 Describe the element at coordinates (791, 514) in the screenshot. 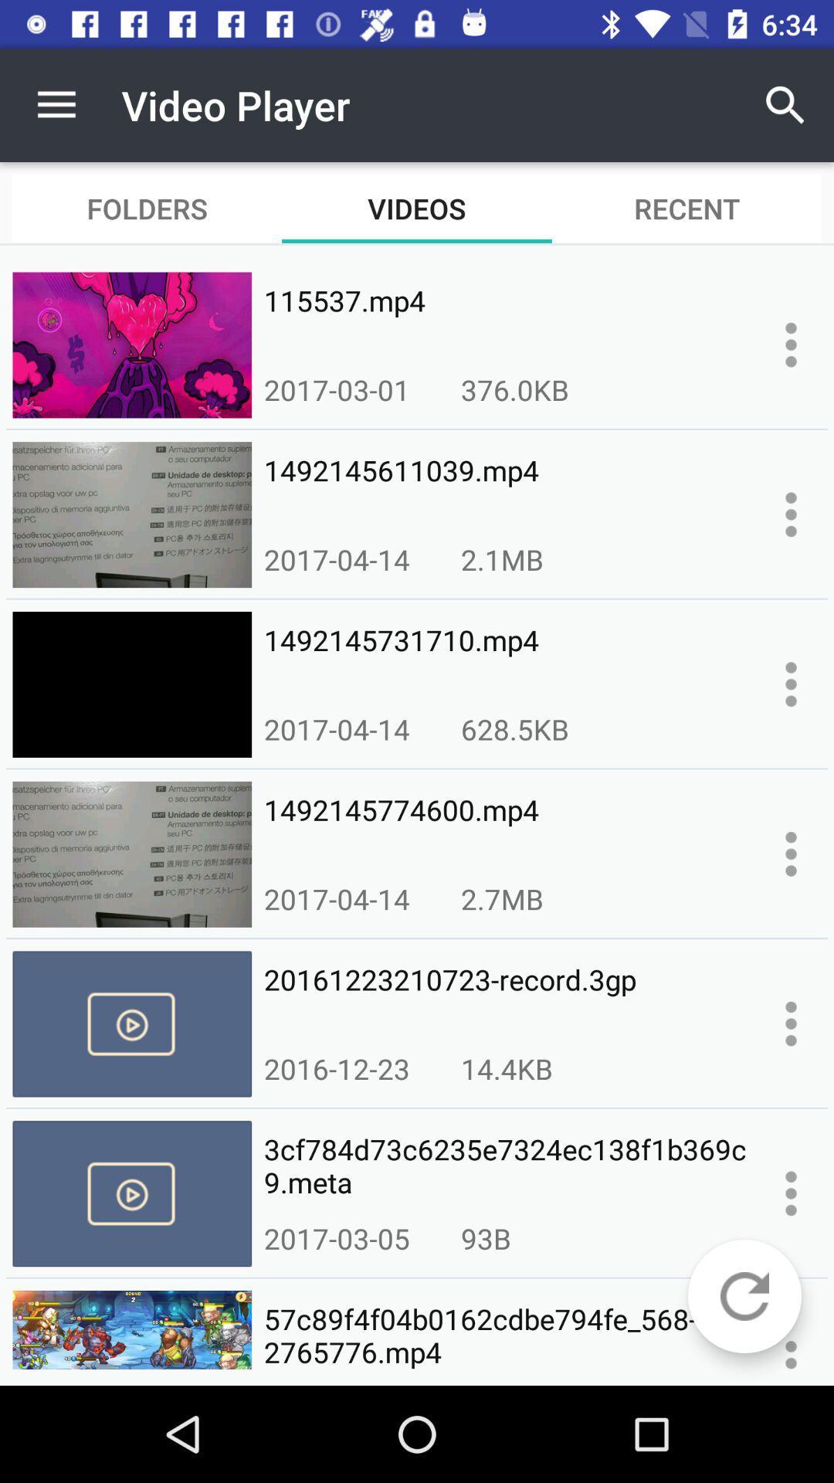

I see `options` at that location.